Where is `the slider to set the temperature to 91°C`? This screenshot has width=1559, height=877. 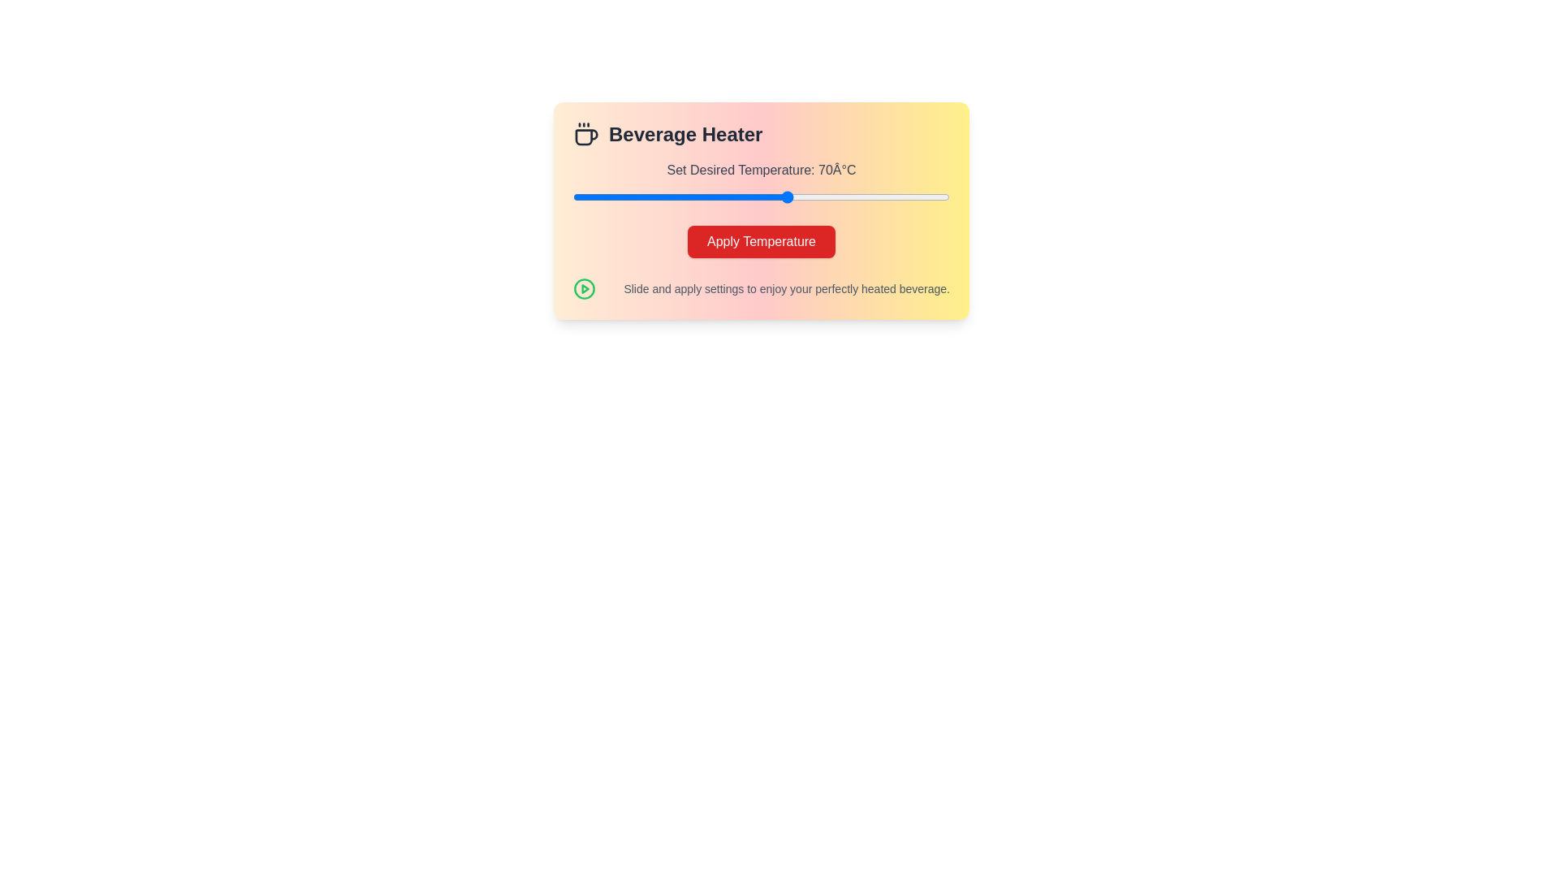 the slider to set the temperature to 91°C is located at coordinates (900, 197).